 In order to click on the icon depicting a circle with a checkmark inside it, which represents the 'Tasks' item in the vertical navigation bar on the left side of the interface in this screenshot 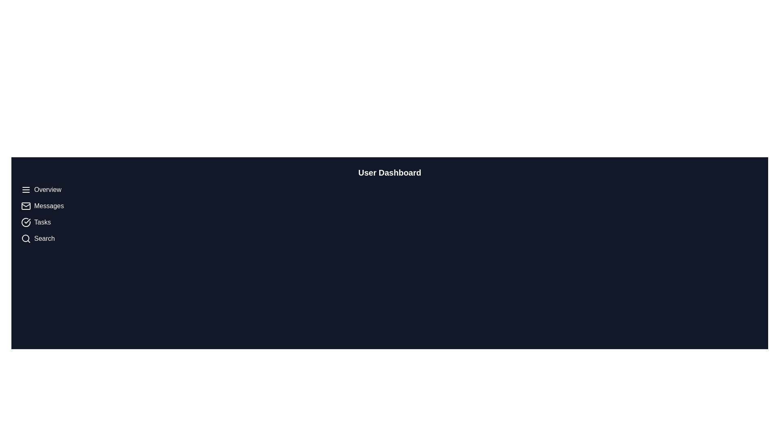, I will do `click(26, 222)`.